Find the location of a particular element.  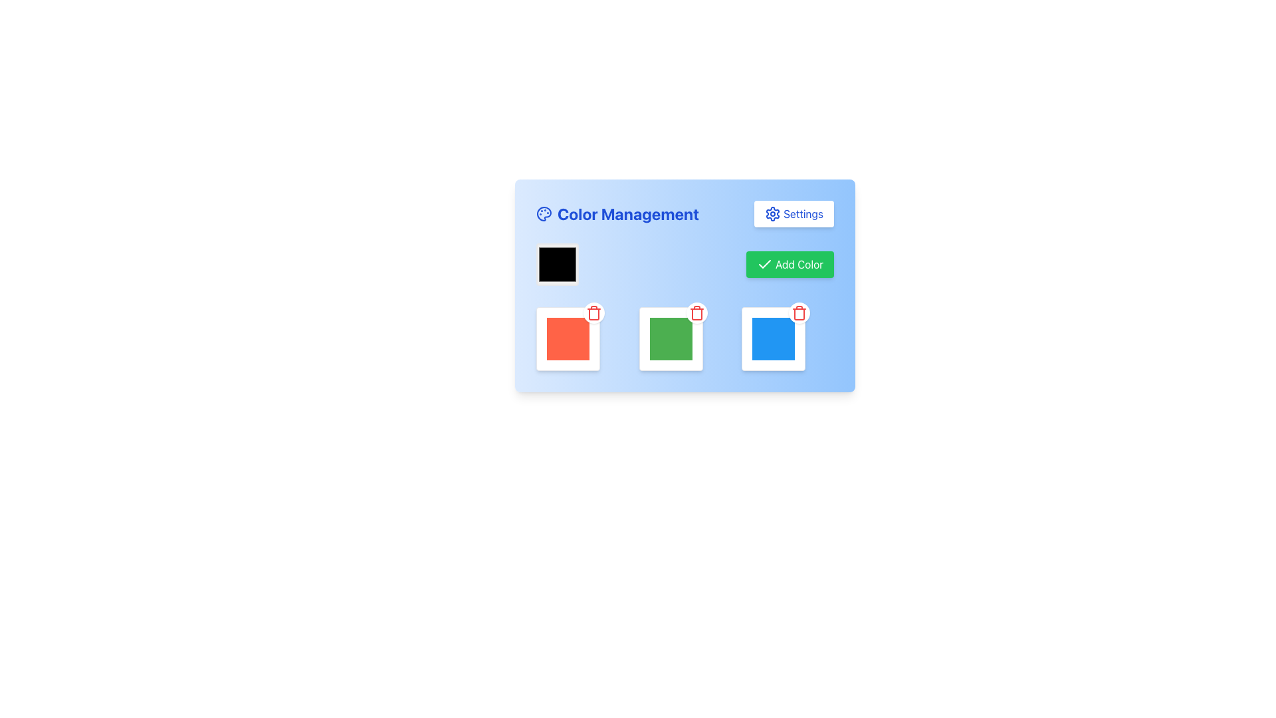

the green color preview box located in the middle of the horizontal list of three color blocks under the 'Color Management' section is located at coordinates (671, 338).